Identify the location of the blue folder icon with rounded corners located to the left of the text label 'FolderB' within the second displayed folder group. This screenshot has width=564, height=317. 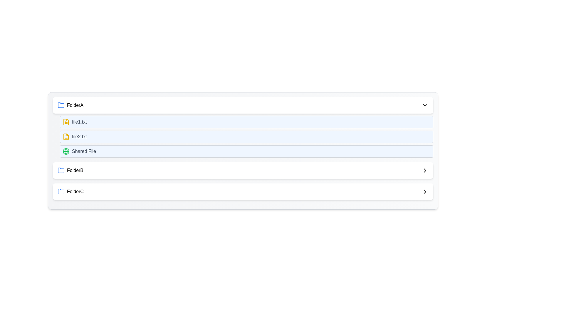
(61, 171).